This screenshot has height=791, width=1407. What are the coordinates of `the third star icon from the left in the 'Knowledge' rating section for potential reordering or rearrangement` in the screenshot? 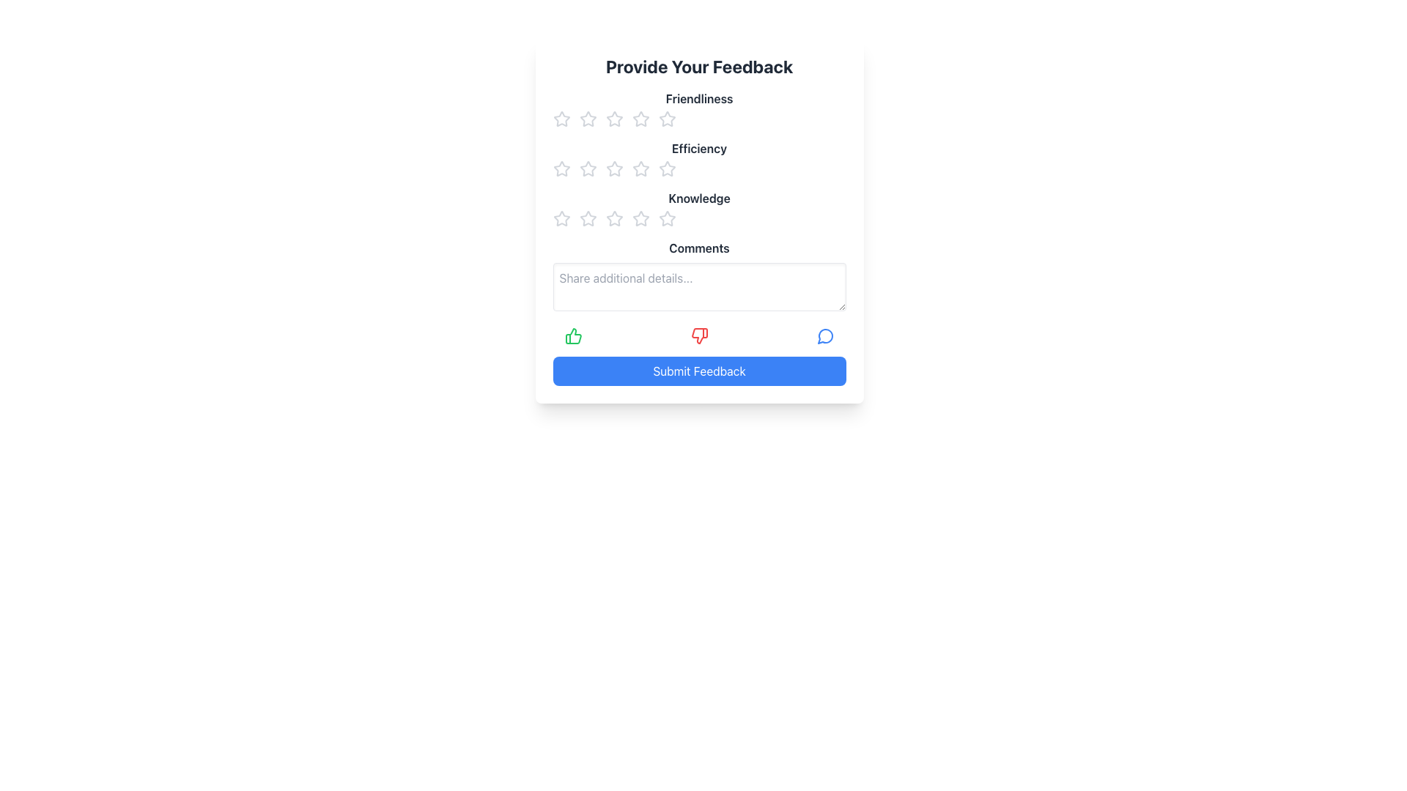 It's located at (666, 218).